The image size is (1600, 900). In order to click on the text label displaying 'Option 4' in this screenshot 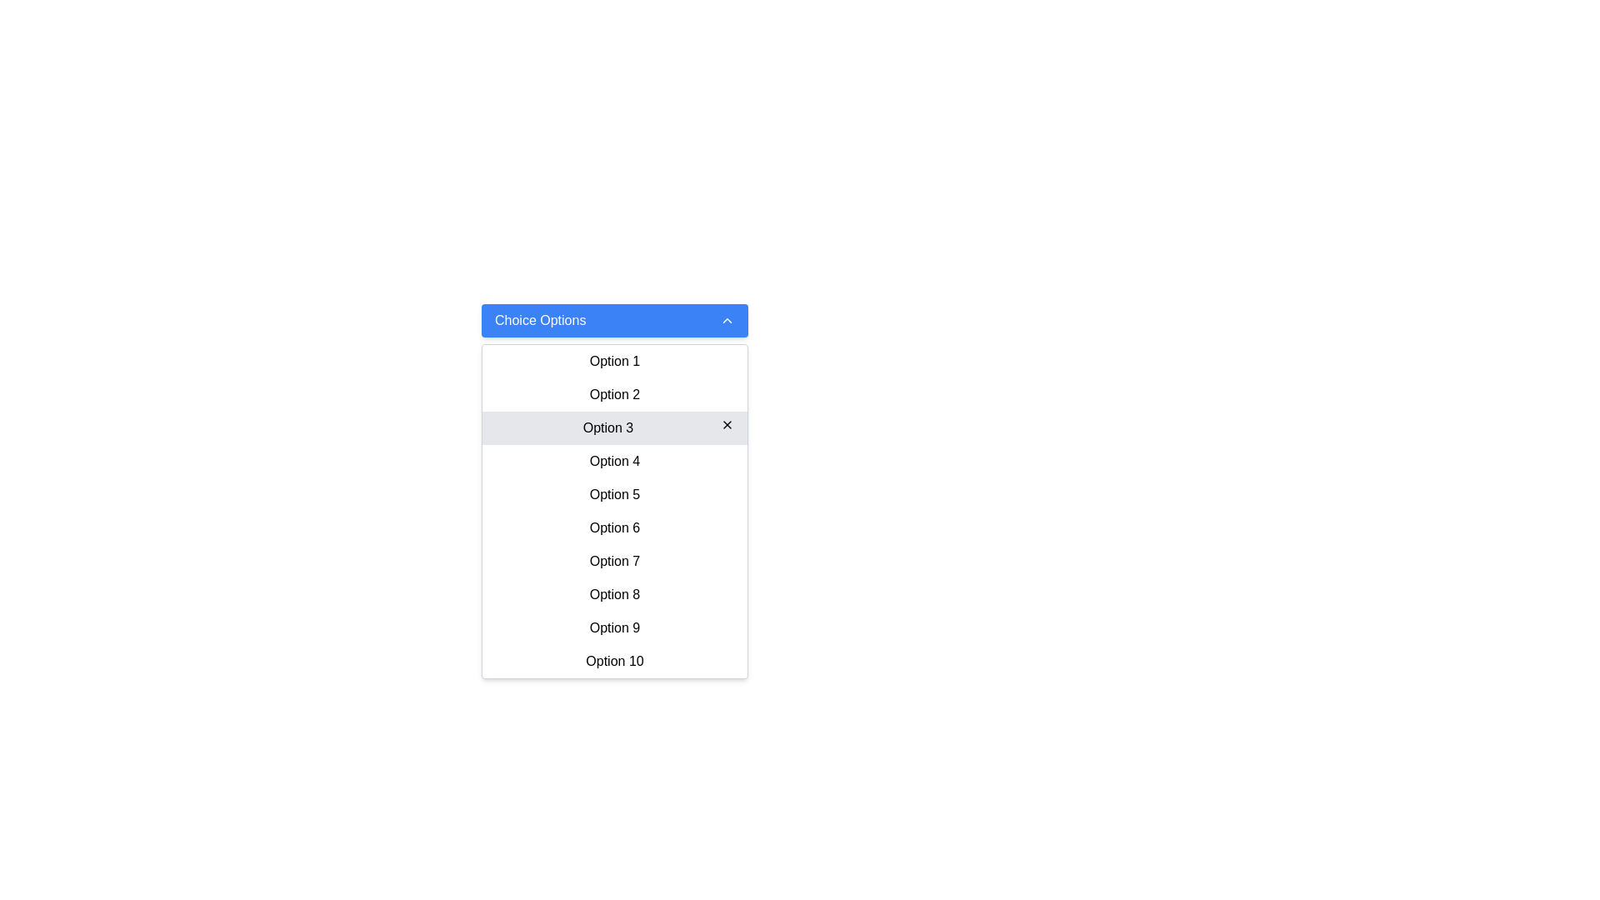, I will do `click(614, 461)`.